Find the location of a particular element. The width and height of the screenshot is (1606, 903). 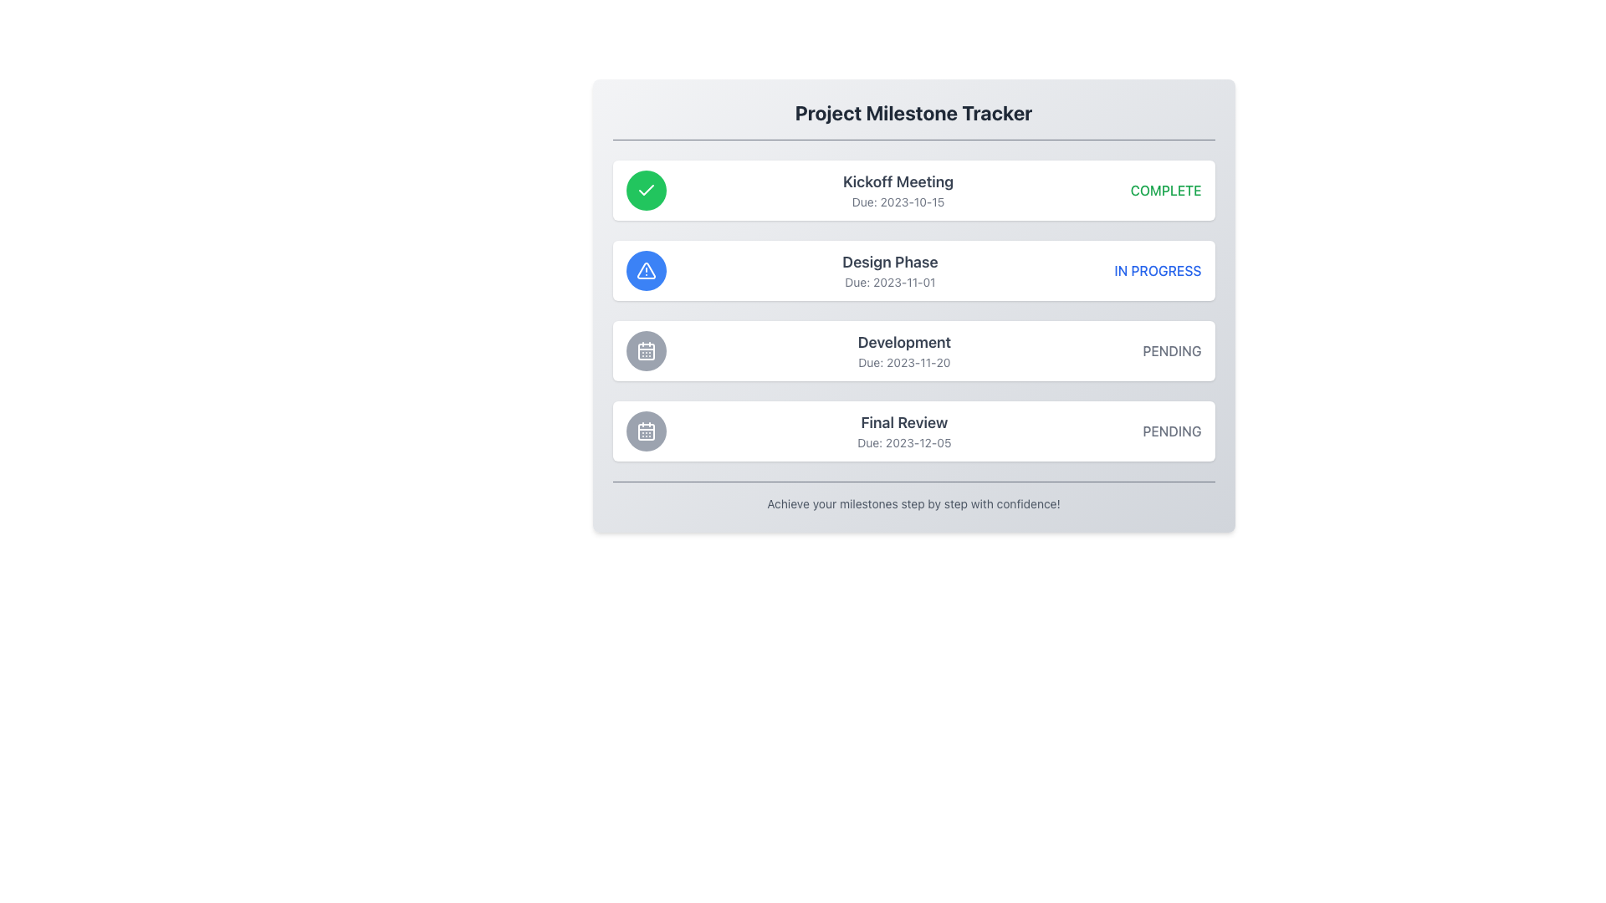

the status indicator text label confirming the completion of the 'Kickoff Meeting' task, which is located to the right of 'Due: 2023-10-15' is located at coordinates (1165, 189).